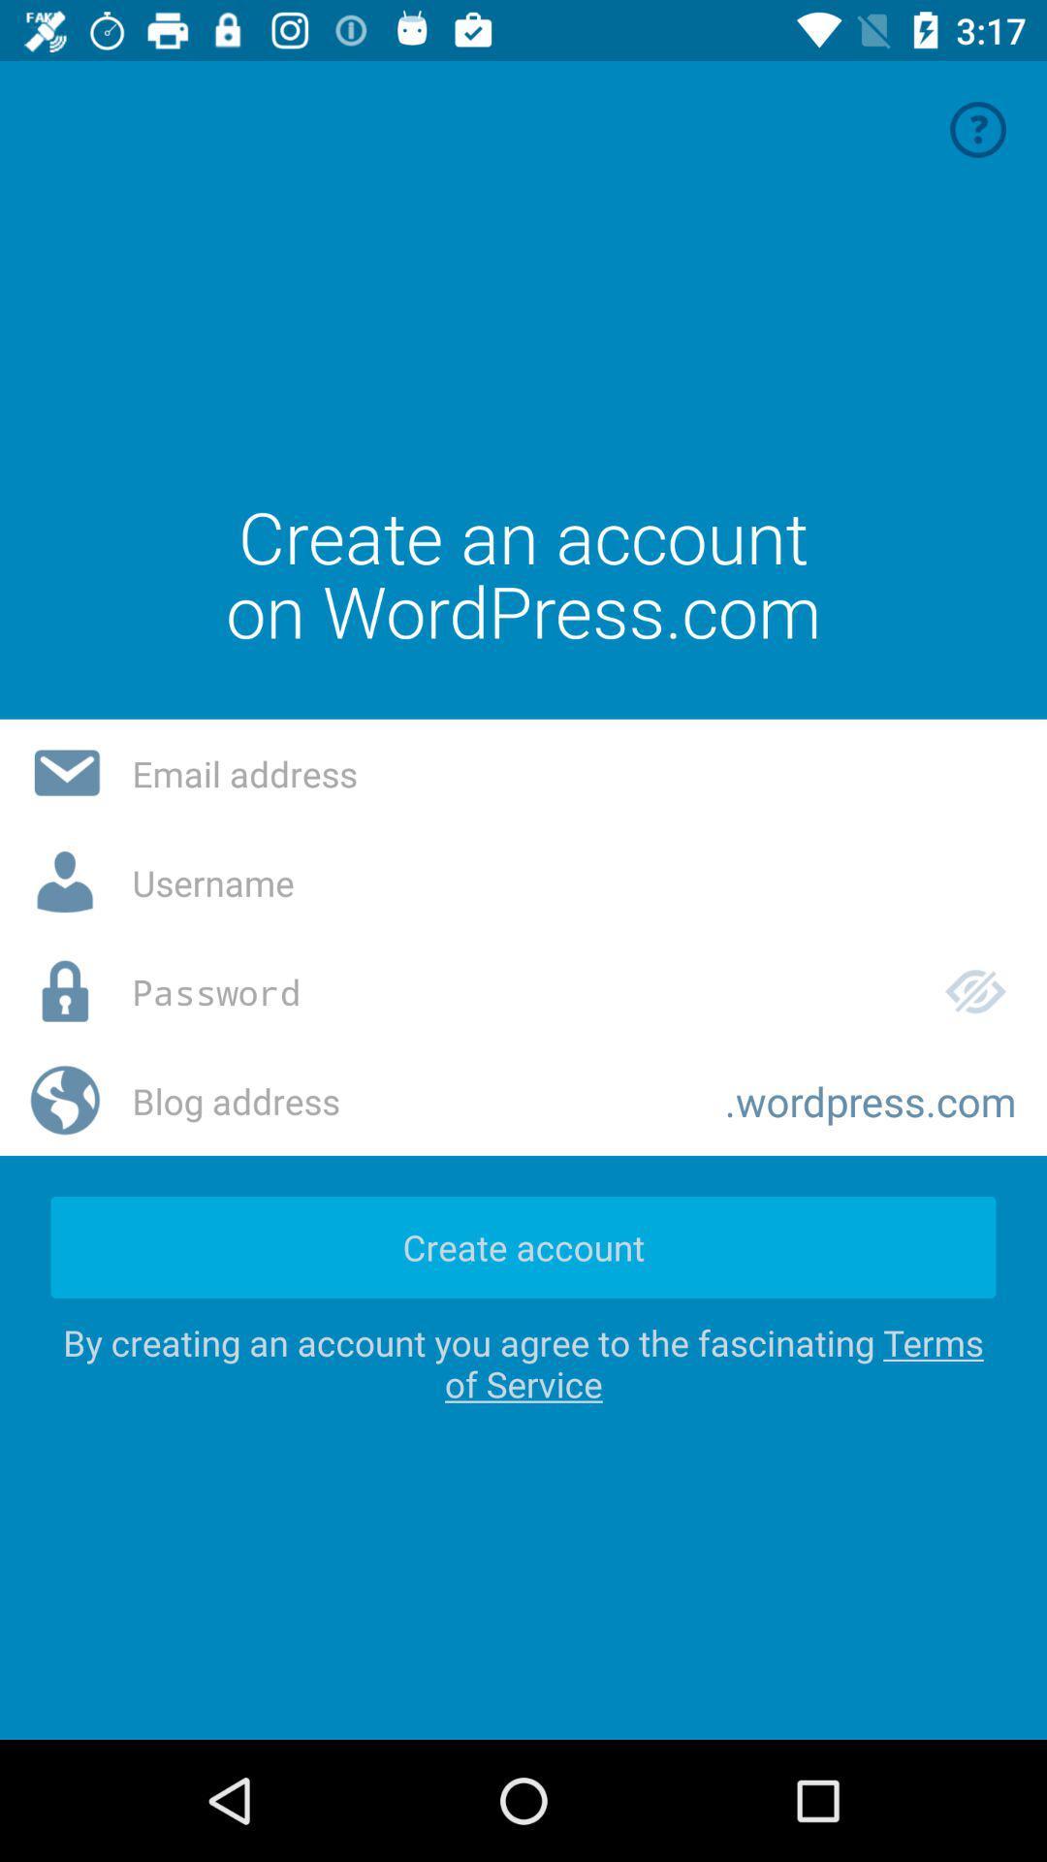 The height and width of the screenshot is (1862, 1047). I want to click on the text which is below the create account, so click(523, 1363).